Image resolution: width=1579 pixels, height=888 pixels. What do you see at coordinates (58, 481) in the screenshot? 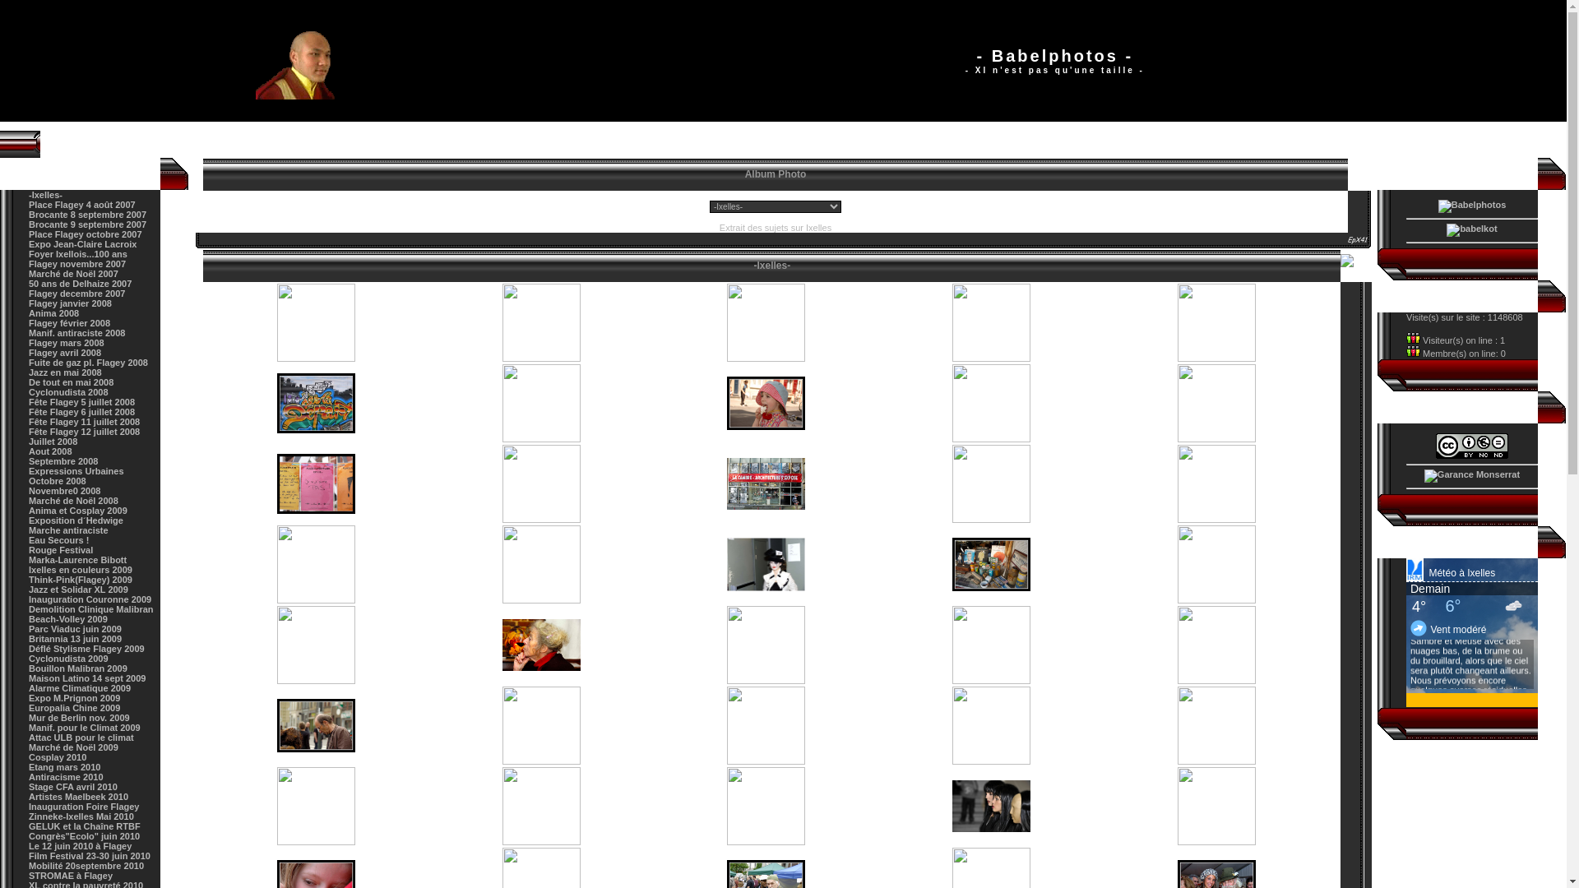
I see `'Octobre 2008'` at bounding box center [58, 481].